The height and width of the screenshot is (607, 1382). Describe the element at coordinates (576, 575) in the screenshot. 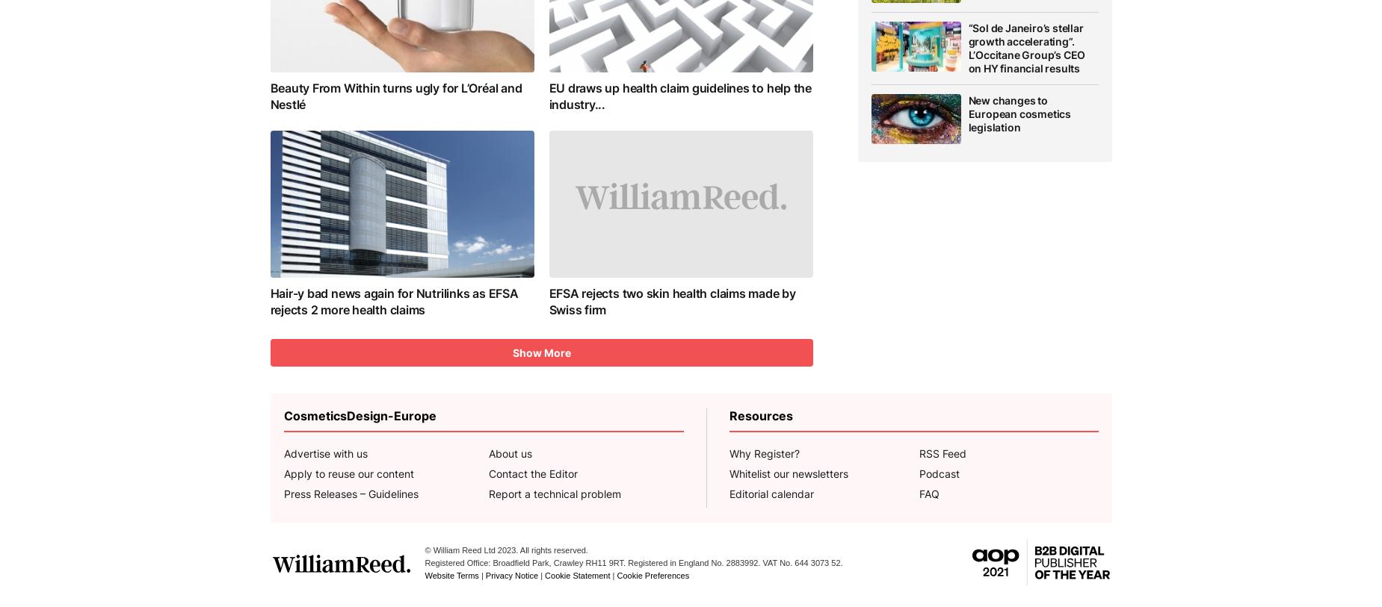

I see `'Cookie Statement'` at that location.